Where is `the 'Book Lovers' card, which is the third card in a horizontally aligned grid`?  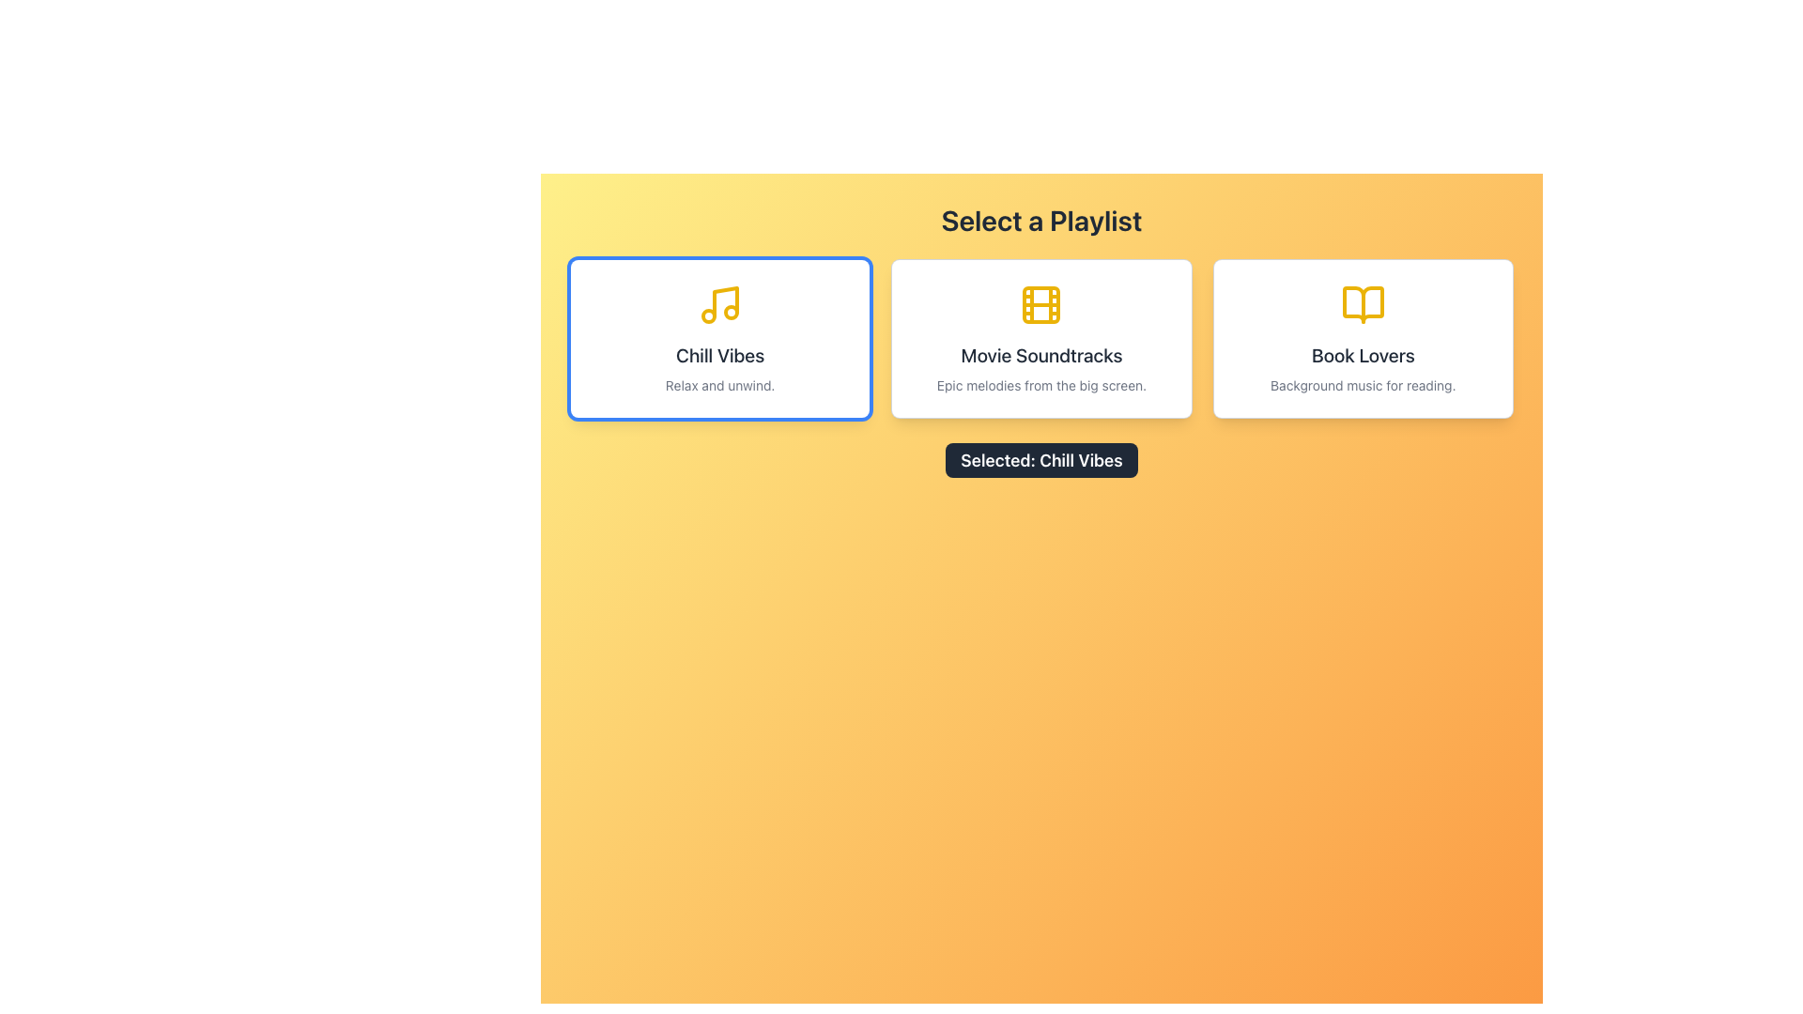
the 'Book Lovers' card, which is the third card in a horizontally aligned grid is located at coordinates (1363, 339).